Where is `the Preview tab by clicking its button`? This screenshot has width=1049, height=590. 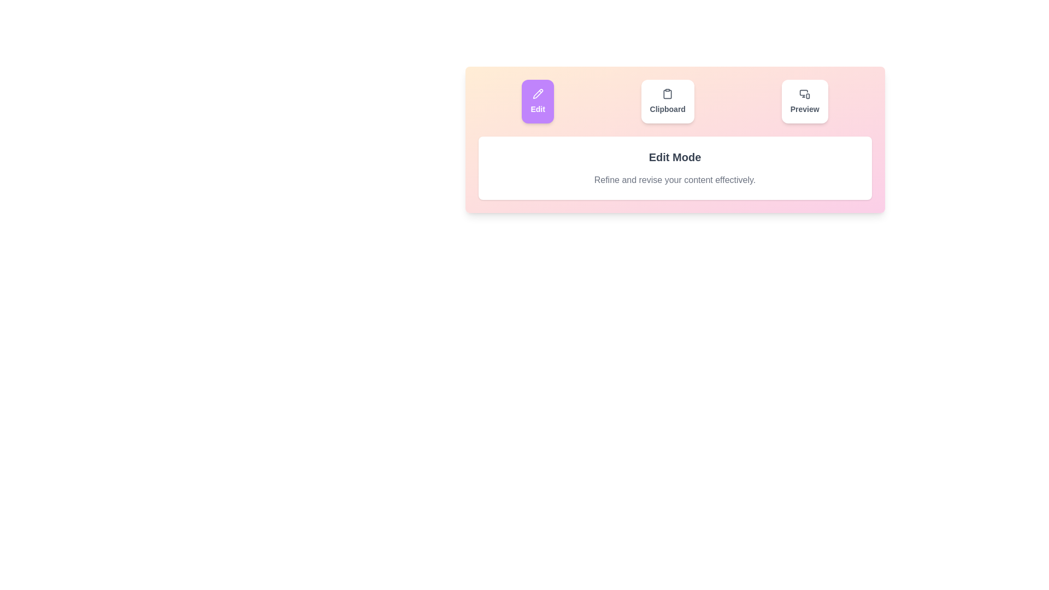 the Preview tab by clicking its button is located at coordinates (805, 101).